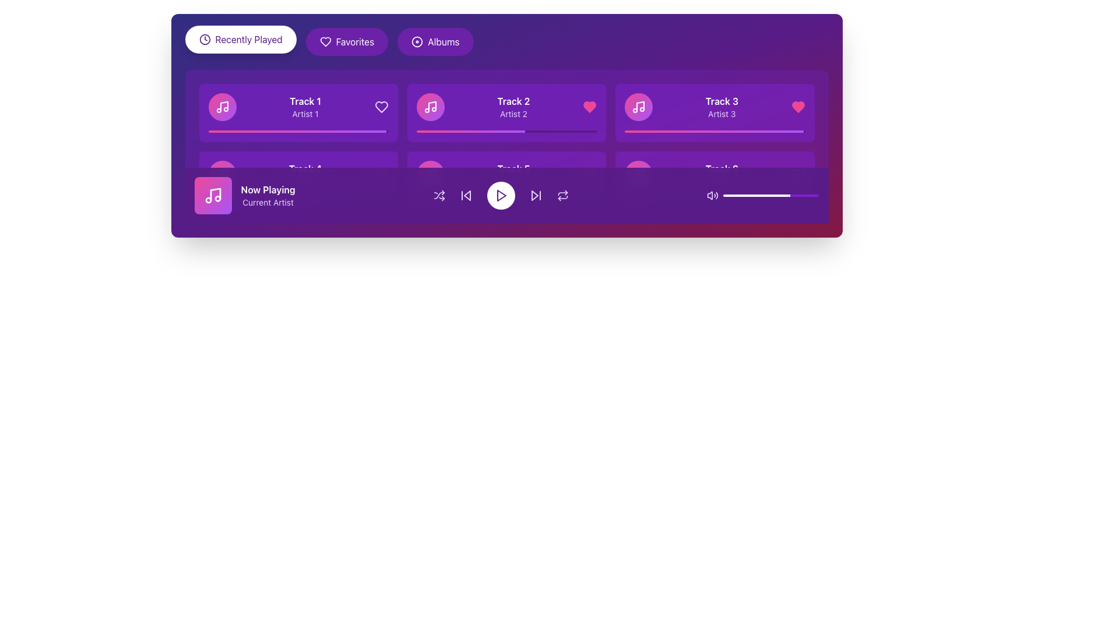  Describe the element at coordinates (430, 107) in the screenshot. I see `the circular Icon button with a gradient background and a white music note icon to play the track located at the top-right of the 'Track 2' item` at that location.